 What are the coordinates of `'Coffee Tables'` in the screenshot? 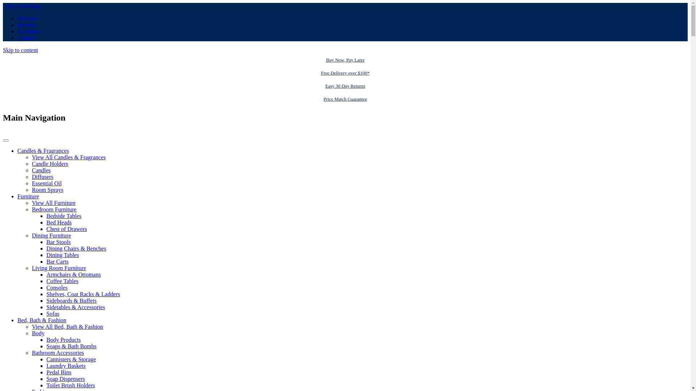 It's located at (62, 281).